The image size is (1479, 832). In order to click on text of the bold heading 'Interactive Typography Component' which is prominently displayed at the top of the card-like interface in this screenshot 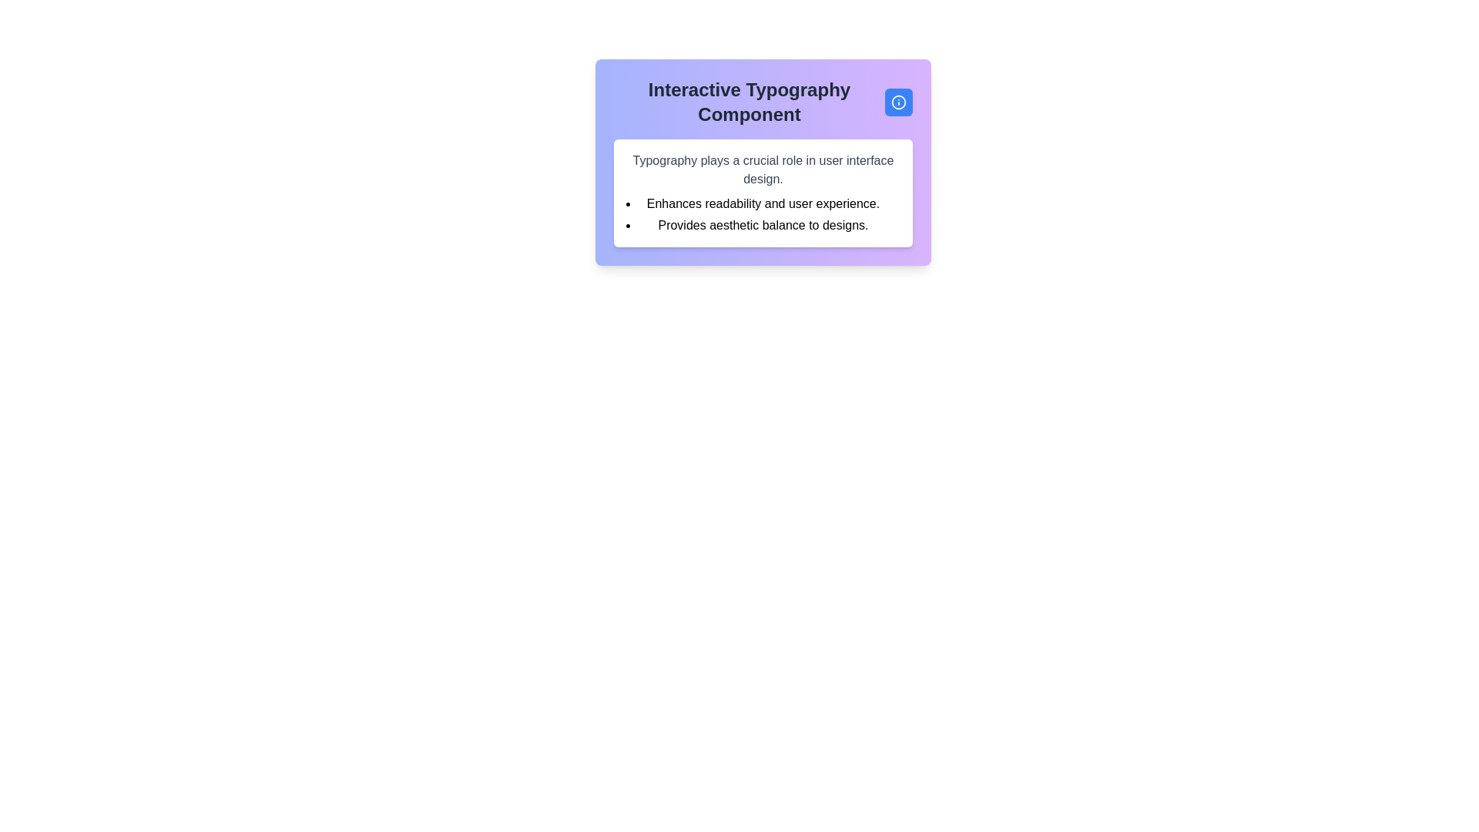, I will do `click(750, 102)`.